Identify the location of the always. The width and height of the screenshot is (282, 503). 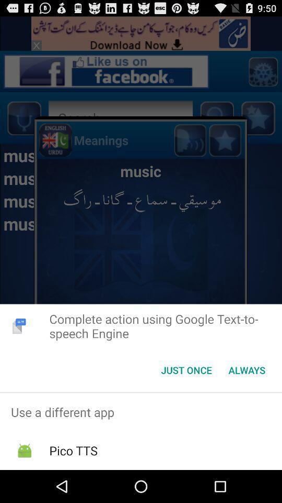
(246, 370).